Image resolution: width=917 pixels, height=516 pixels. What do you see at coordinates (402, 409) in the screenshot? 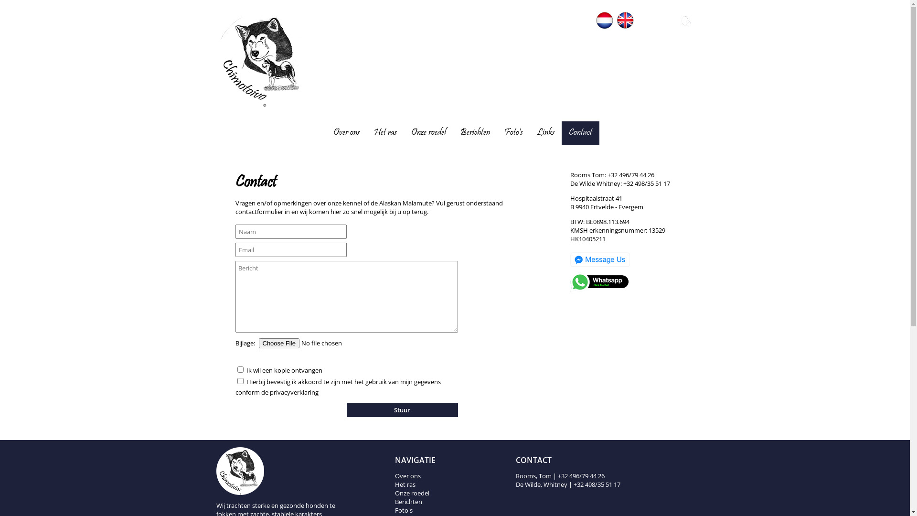
I see `'Stuur'` at bounding box center [402, 409].